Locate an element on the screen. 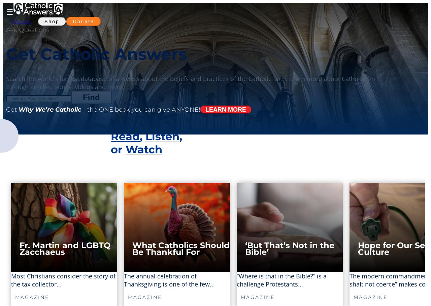 The width and height of the screenshot is (431, 306). 'About' is located at coordinates (22, 21).